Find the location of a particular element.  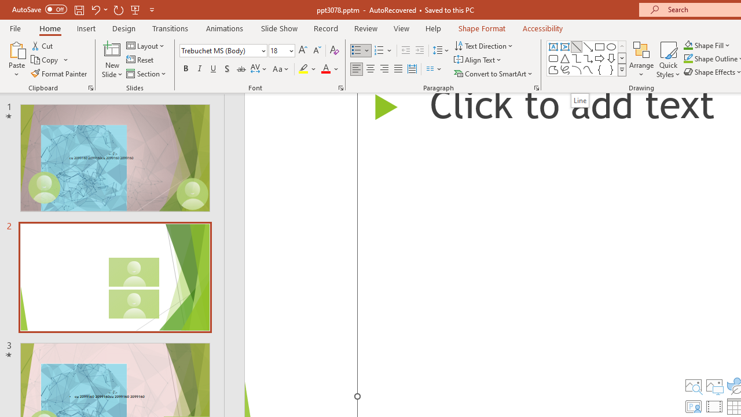

'Text Highlight Color Yellow' is located at coordinates (303, 69).